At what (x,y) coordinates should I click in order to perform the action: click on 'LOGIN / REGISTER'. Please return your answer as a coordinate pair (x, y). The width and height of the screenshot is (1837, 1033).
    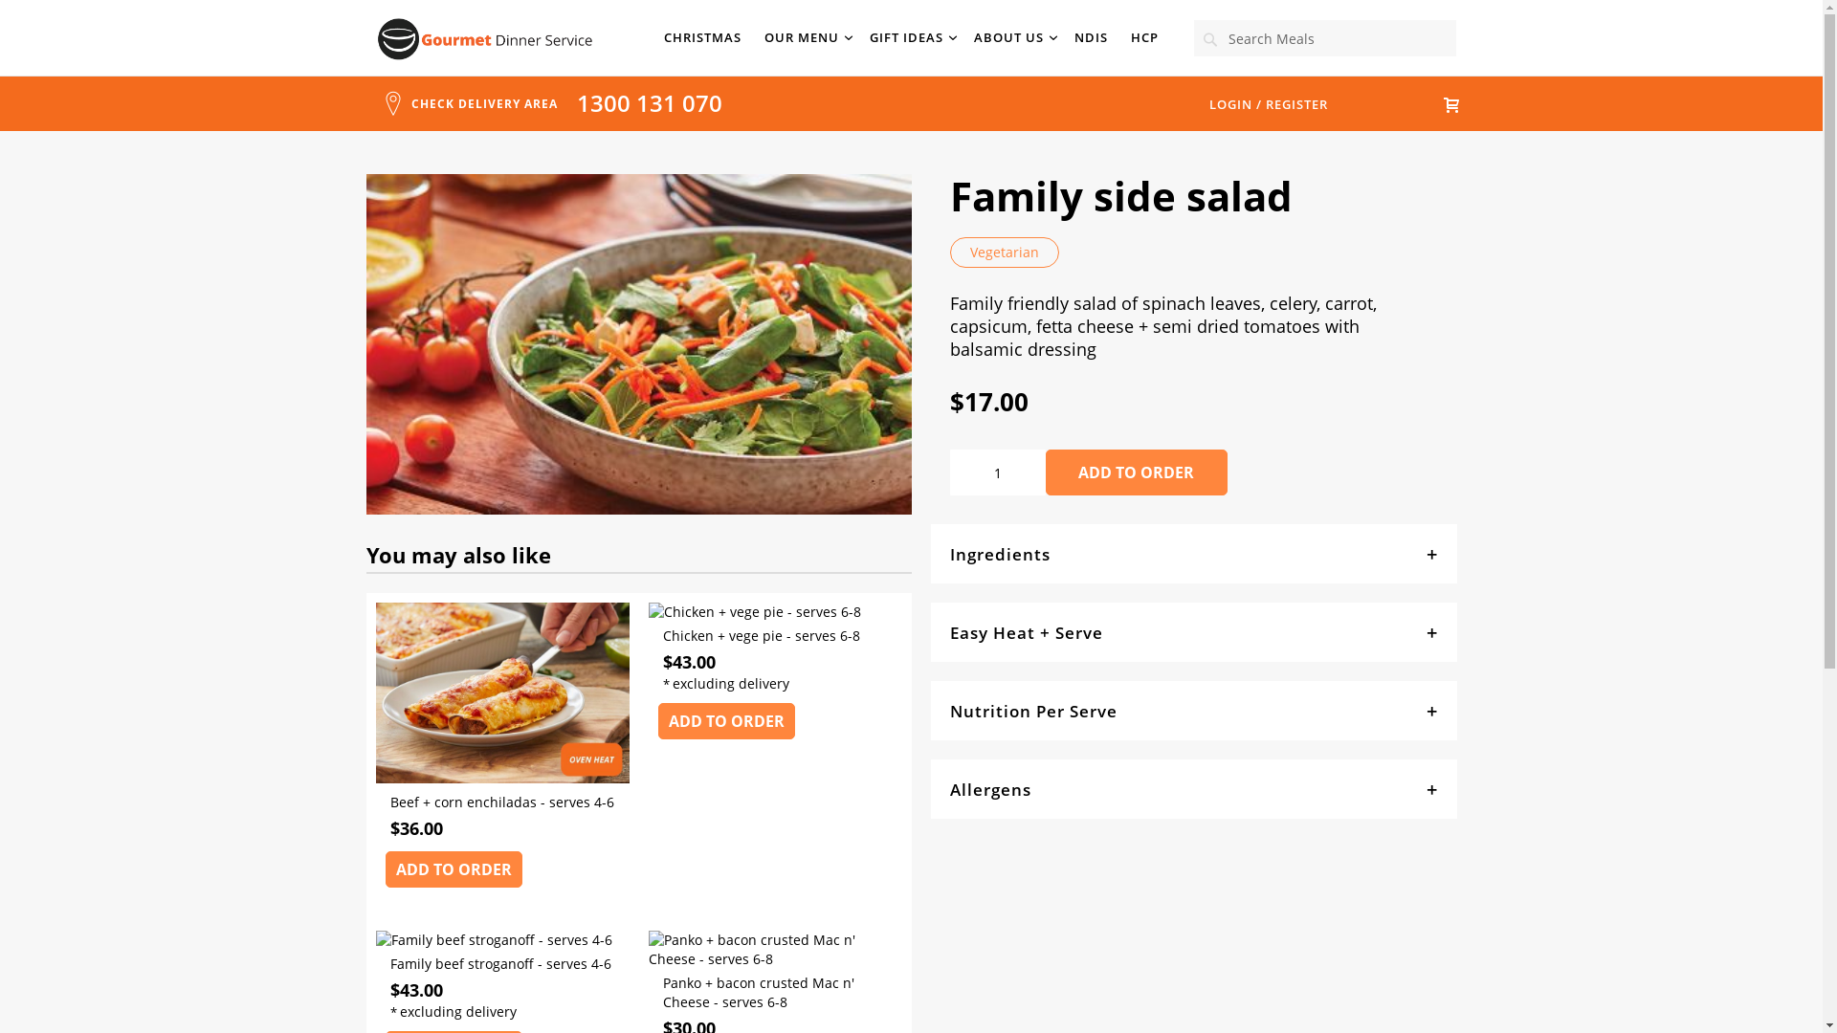
    Looking at the image, I should click on (1269, 103).